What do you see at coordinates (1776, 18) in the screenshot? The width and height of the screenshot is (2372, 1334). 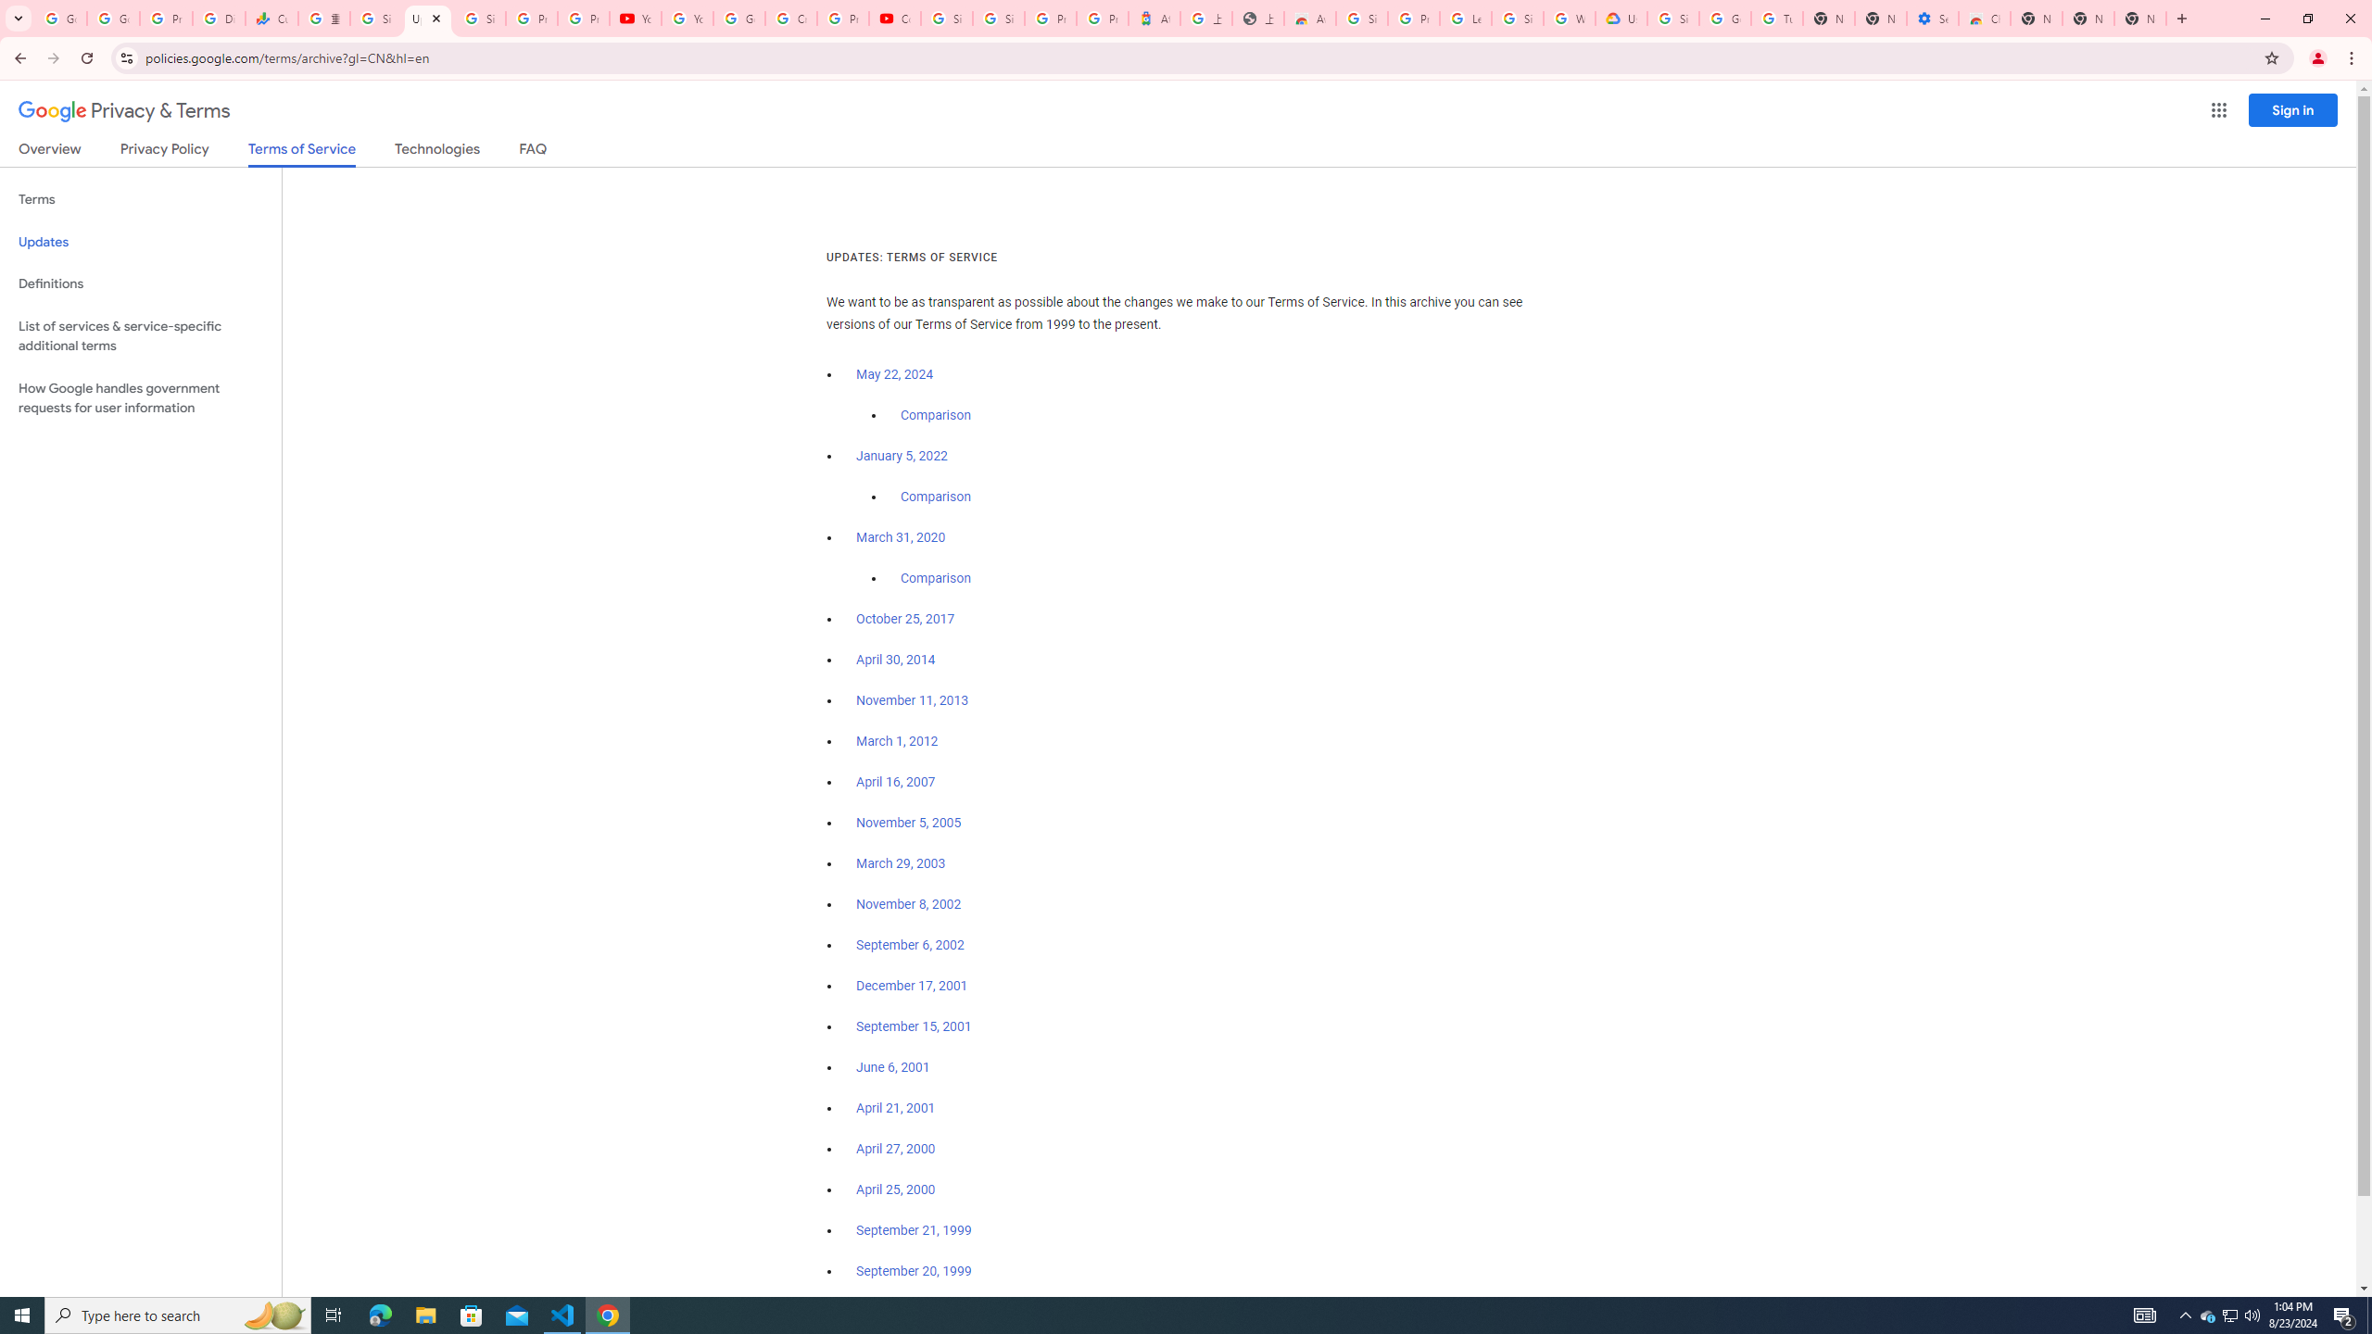 I see `'Turn cookies on or off - Computer - Google Account Help'` at bounding box center [1776, 18].